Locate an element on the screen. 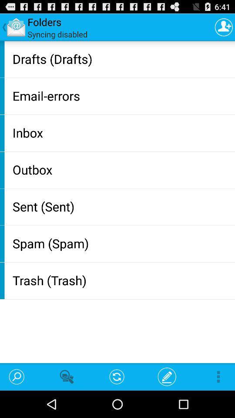  sync login is located at coordinates (224, 27).